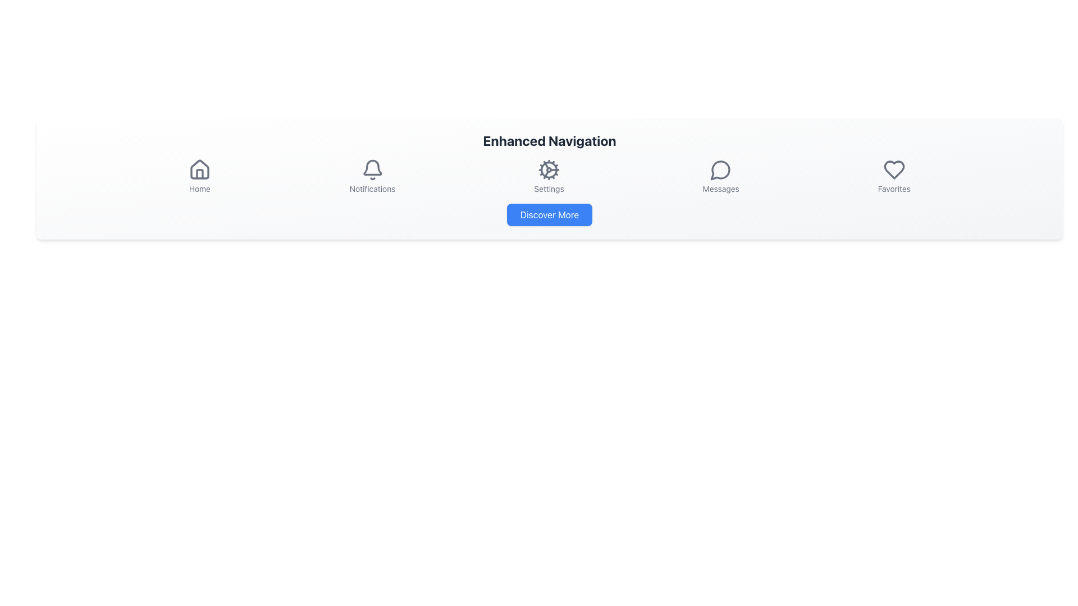  Describe the element at coordinates (721, 170) in the screenshot. I see `the 'Messages' icon in the navigation menu, which visually represents the messaging functionality` at that location.